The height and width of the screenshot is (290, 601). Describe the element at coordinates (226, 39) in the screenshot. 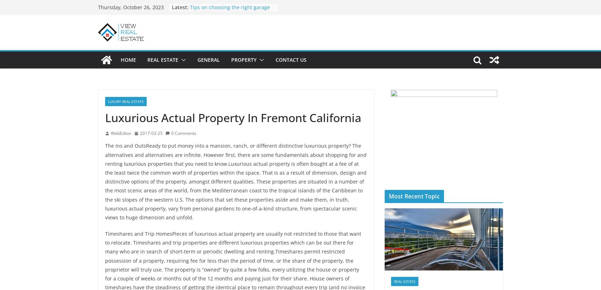

I see `'Concierge Real Estate Agent in Sofia, Bulgaria'` at that location.